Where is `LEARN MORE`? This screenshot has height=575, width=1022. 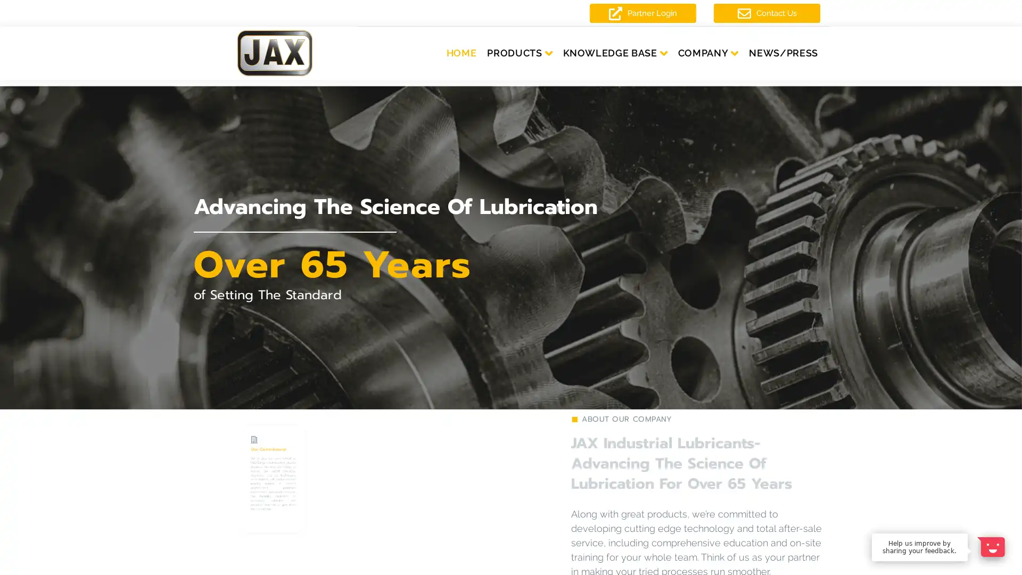
LEARN MORE is located at coordinates (403, 503).